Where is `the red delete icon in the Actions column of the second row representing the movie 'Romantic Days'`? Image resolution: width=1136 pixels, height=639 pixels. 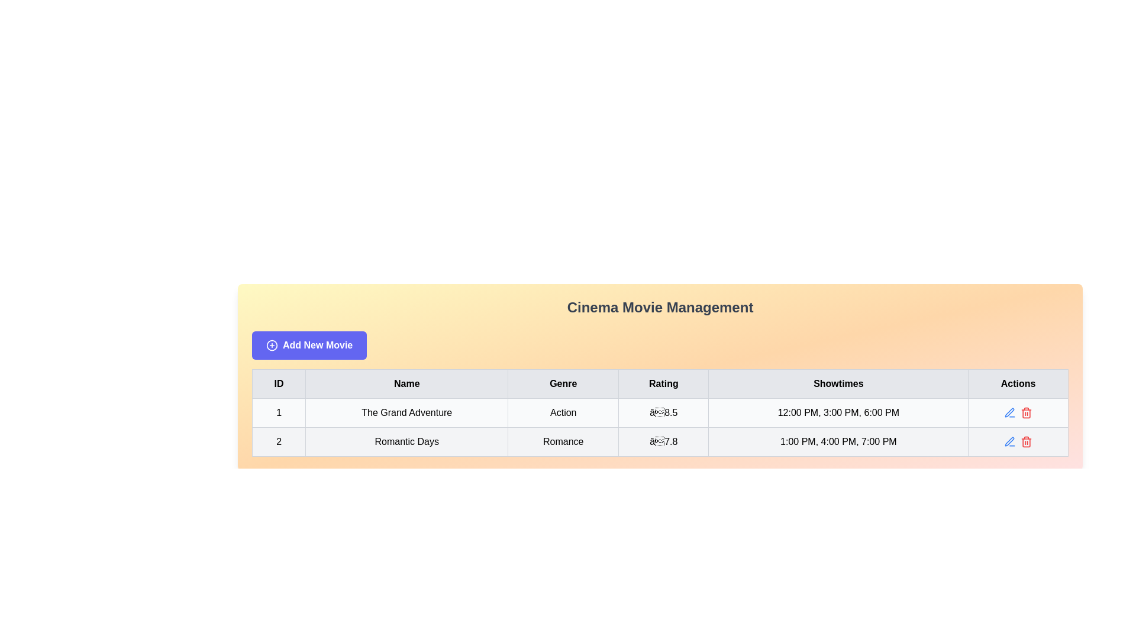 the red delete icon in the Actions column of the second row representing the movie 'Romantic Days' is located at coordinates (1018, 412).